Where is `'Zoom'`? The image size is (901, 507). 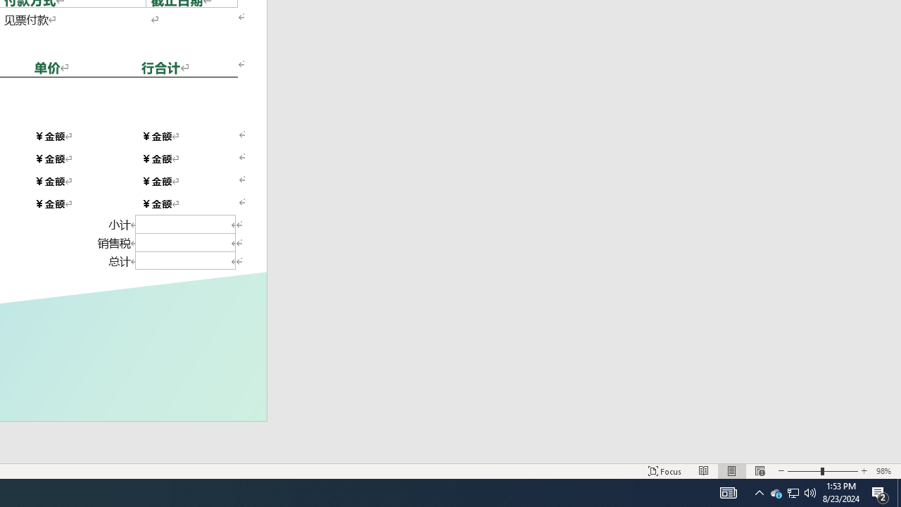 'Zoom' is located at coordinates (822, 471).